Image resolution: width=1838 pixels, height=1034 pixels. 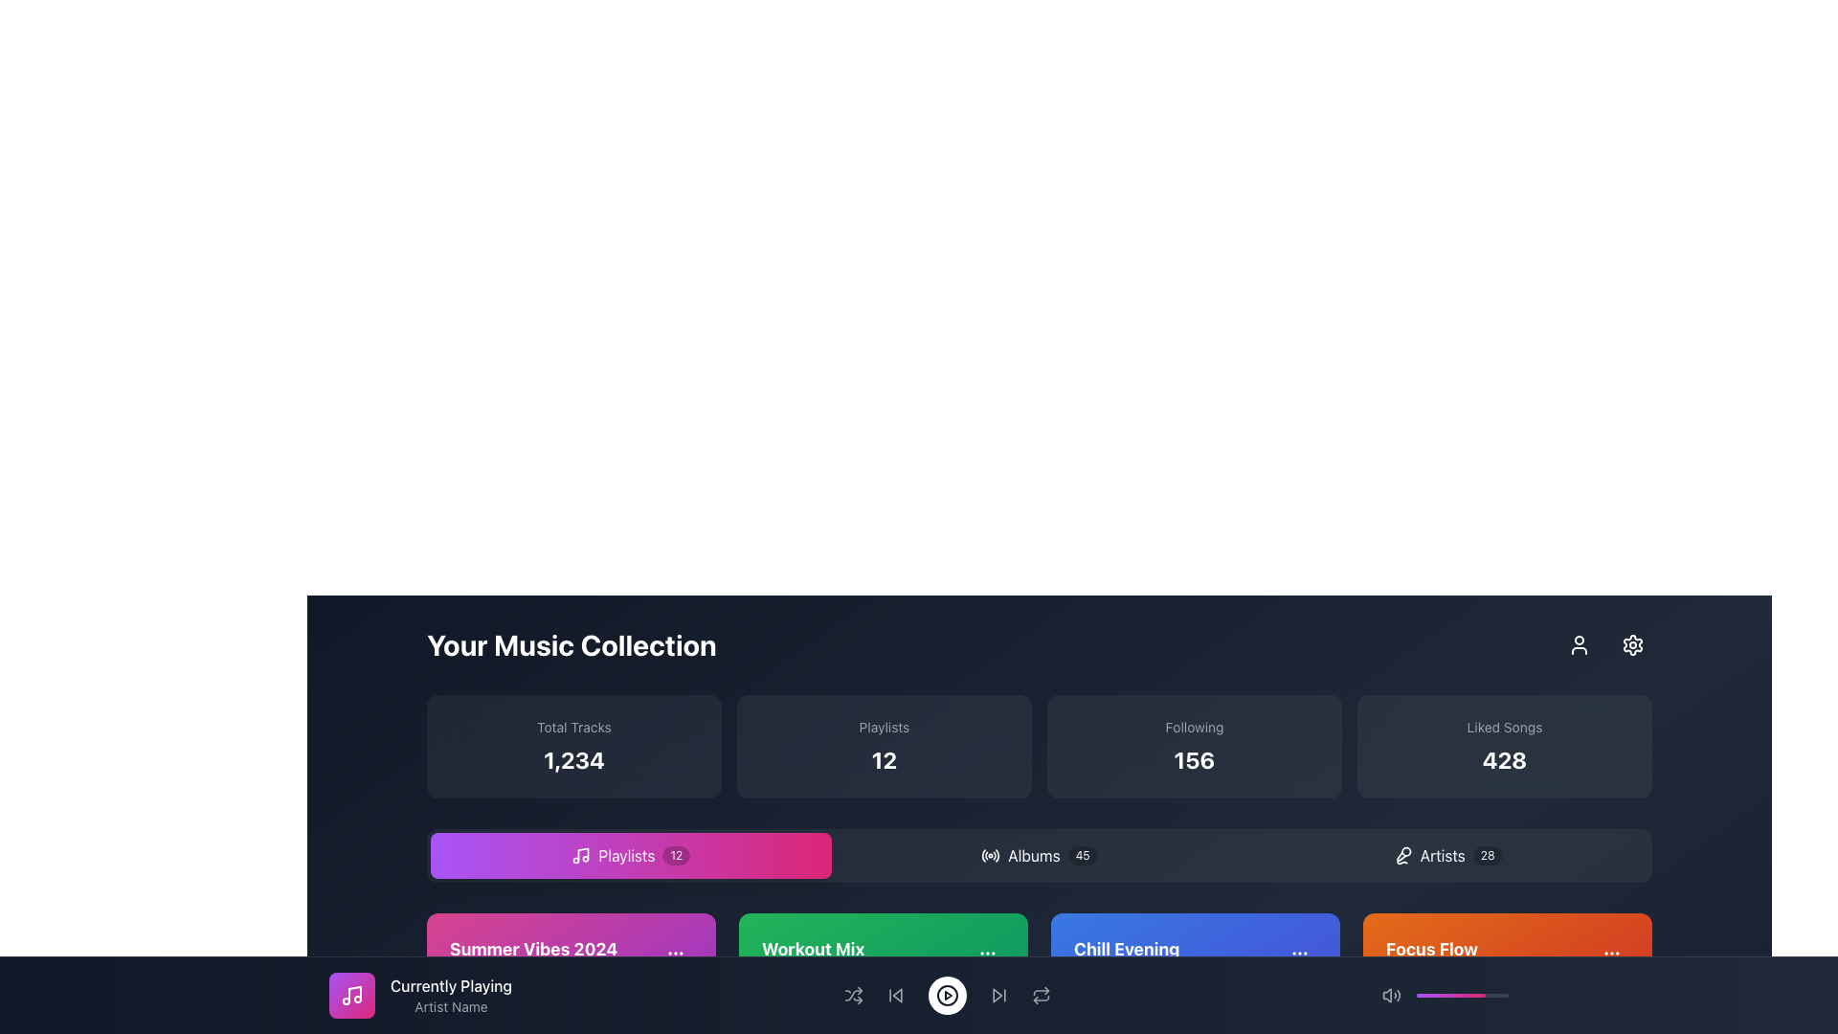 I want to click on the clickable card representing the music playlist 'Focus Flow', located in the bottom right corner of the grid layout, so click(x=1506, y=960).